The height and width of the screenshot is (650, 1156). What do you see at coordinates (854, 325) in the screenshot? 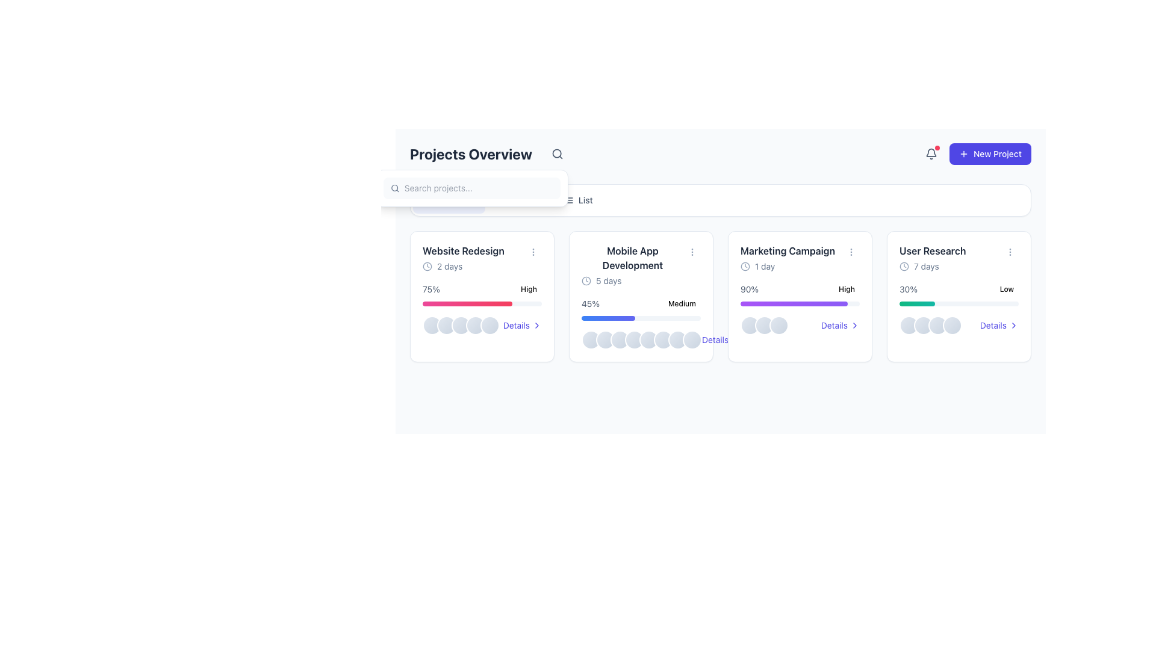
I see `the arrow icon located to the right of the 'Details' text within the project card, which indicates further action or information related to the project` at bounding box center [854, 325].